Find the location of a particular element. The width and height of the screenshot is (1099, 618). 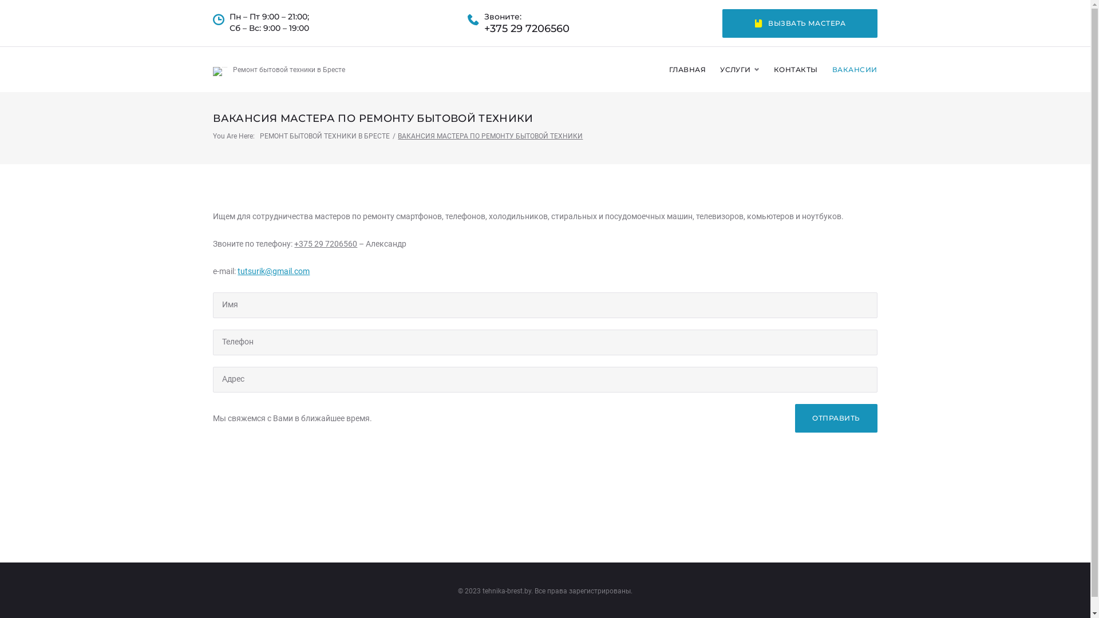

'+375 29 7206560' is located at coordinates (294, 243).